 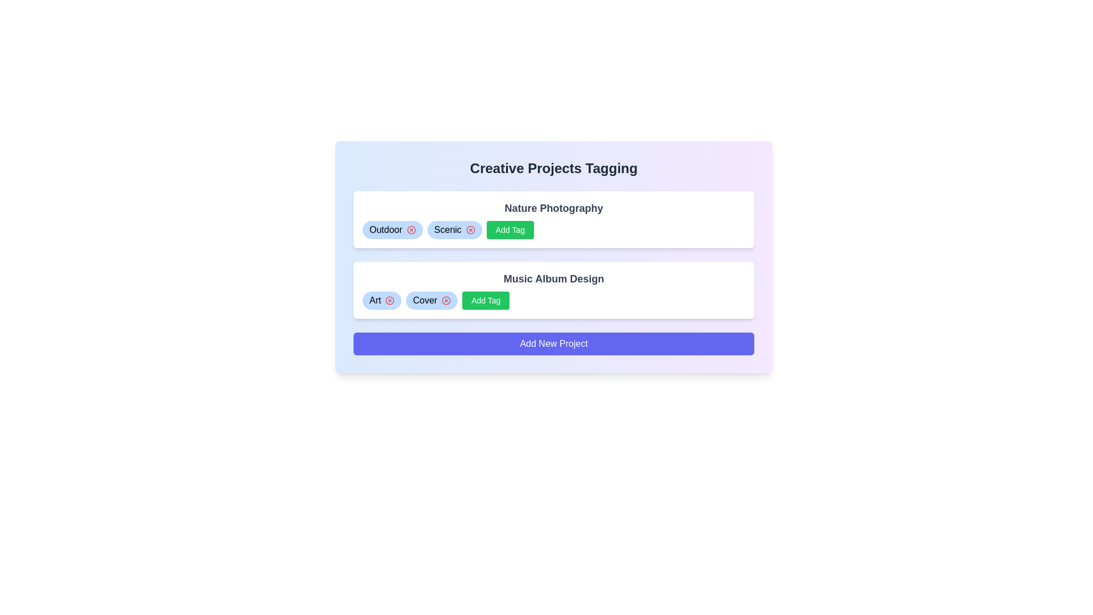 What do you see at coordinates (470, 230) in the screenshot?
I see `the red circular icon button with a cross (X) symbol` at bounding box center [470, 230].